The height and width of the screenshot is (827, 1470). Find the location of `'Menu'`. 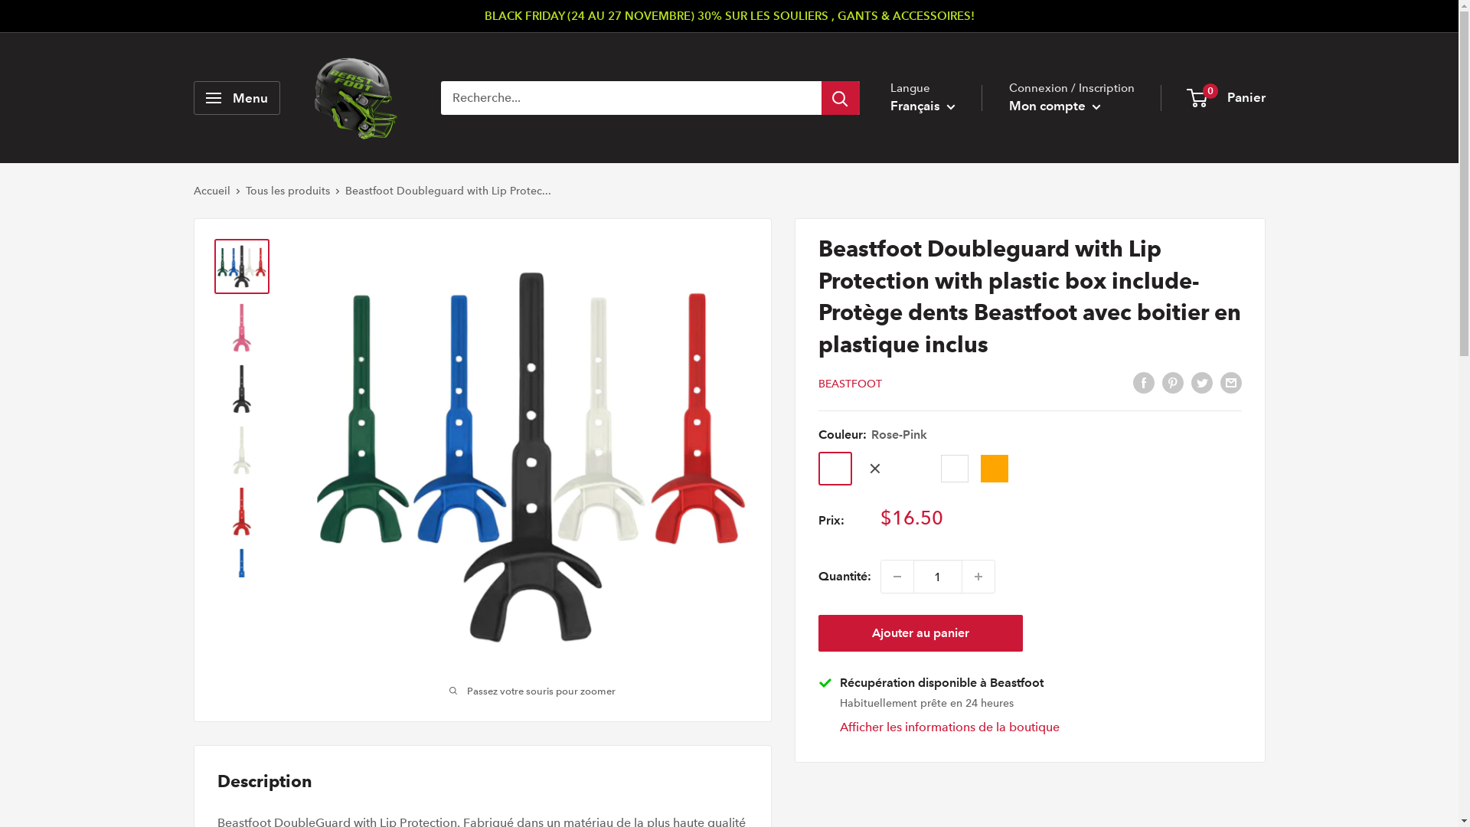

'Menu' is located at coordinates (235, 97).